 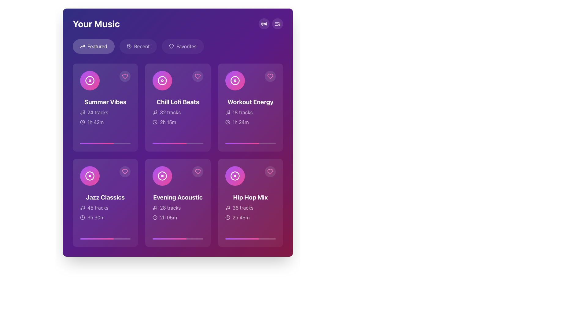 I want to click on the decorative album or music playlist icon in the 'Workout Energy' card, which is centrally located in the grid layout, so click(x=234, y=80).